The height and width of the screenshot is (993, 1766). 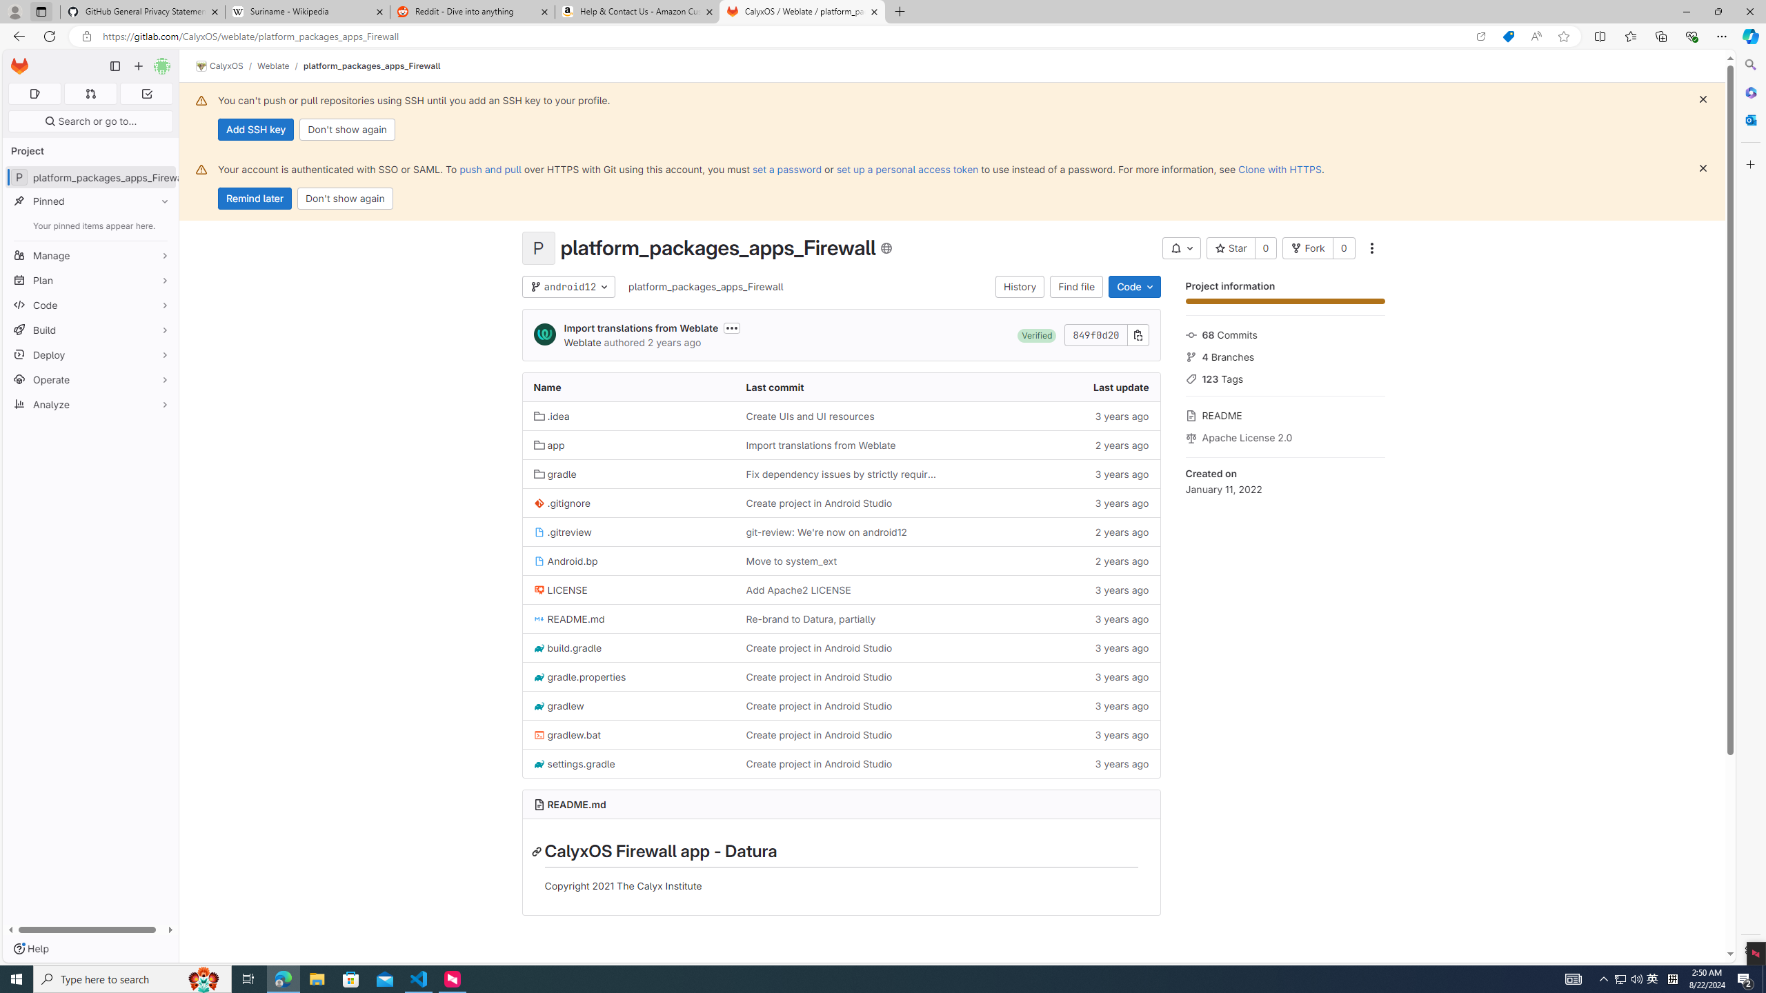 What do you see at coordinates (628, 388) in the screenshot?
I see `'Name'` at bounding box center [628, 388].